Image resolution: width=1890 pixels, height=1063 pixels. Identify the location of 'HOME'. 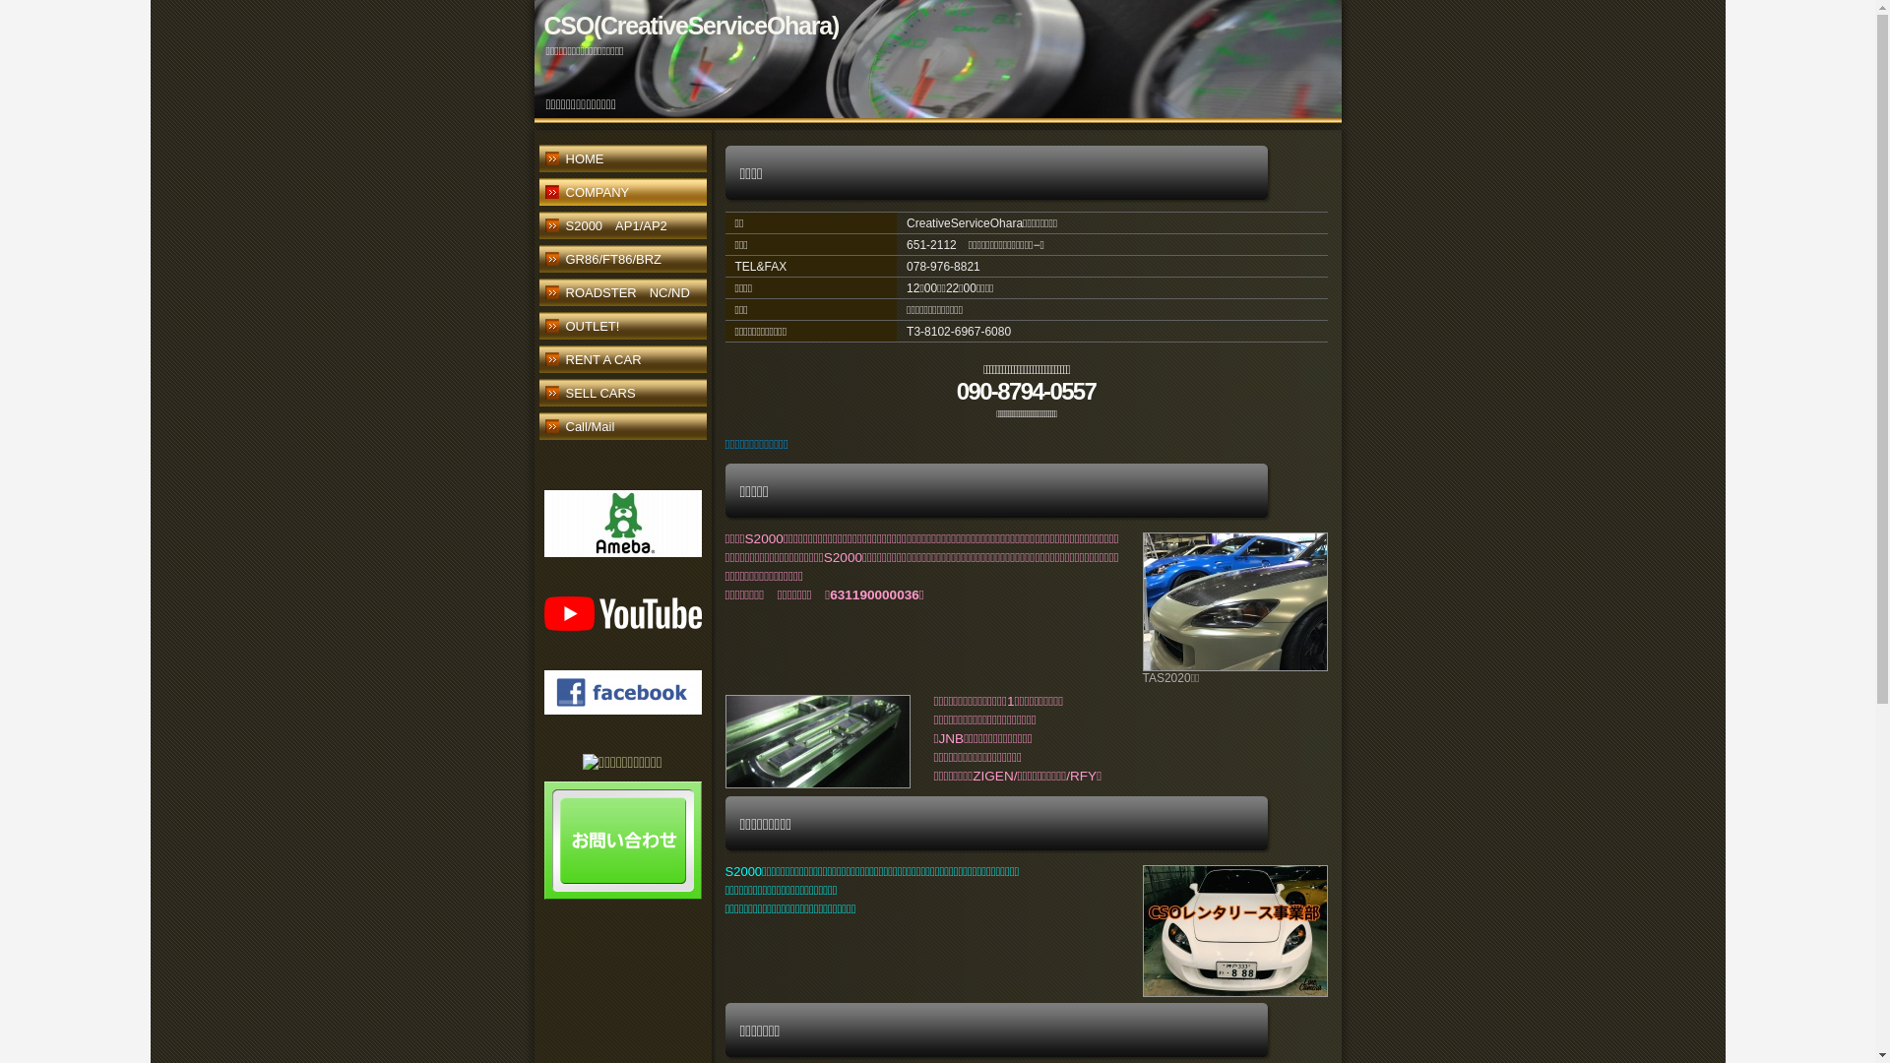
(621, 160).